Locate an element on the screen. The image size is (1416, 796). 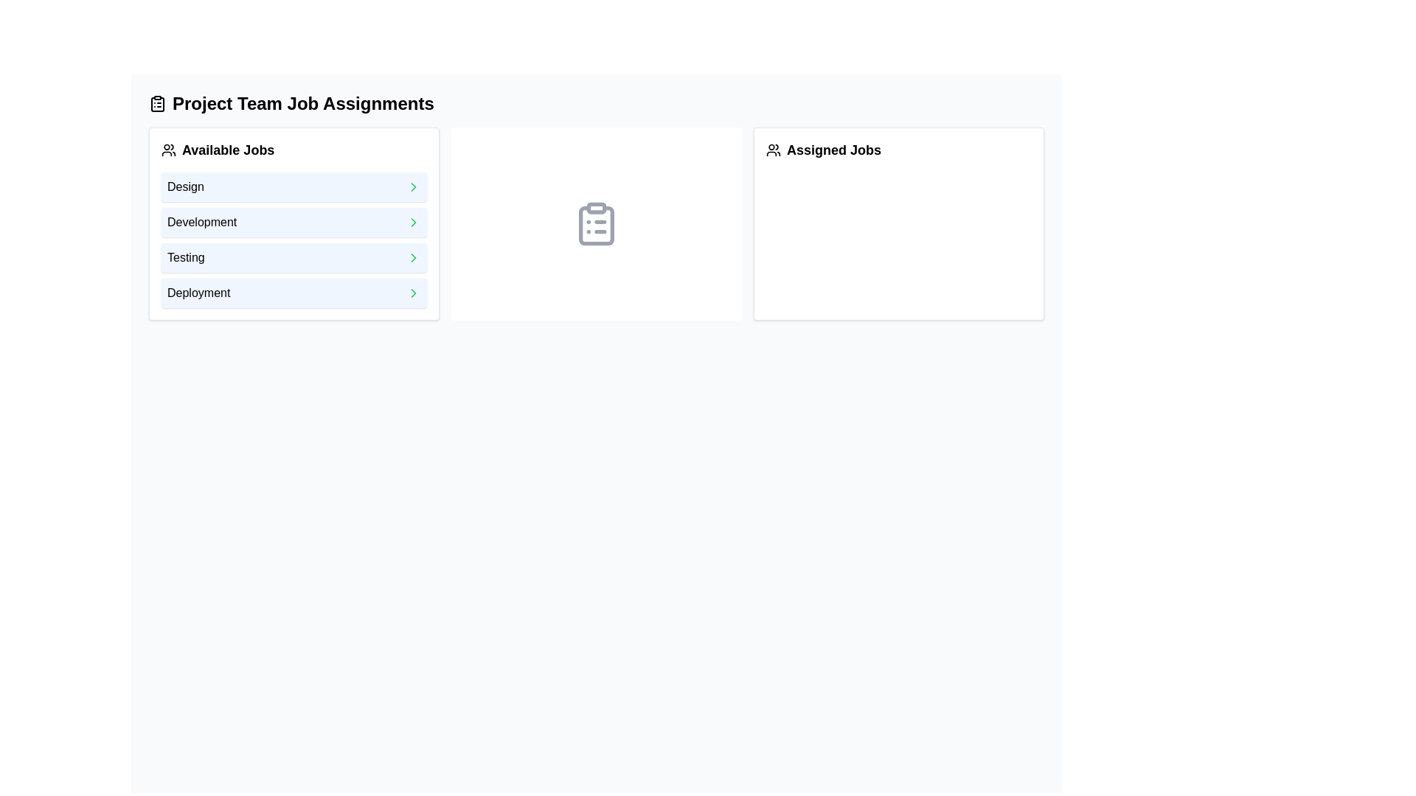
the 'Deployment' button, which is a rectangular button with a light blue background and rounded edges, located under the 'Testing' button in the 'Available Jobs' panel is located at coordinates (294, 293).